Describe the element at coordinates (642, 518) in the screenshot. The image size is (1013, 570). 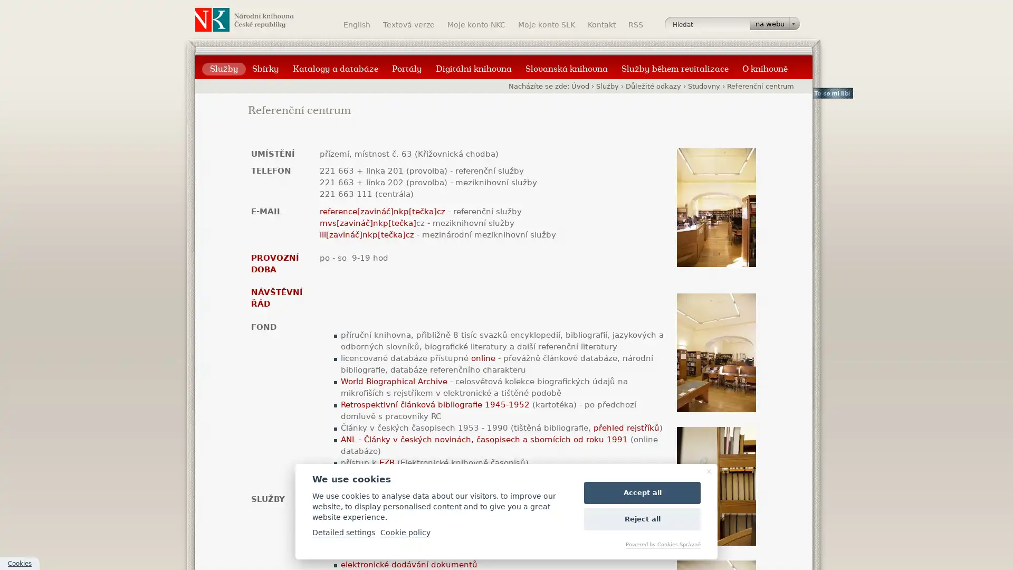
I see `Reject all` at that location.